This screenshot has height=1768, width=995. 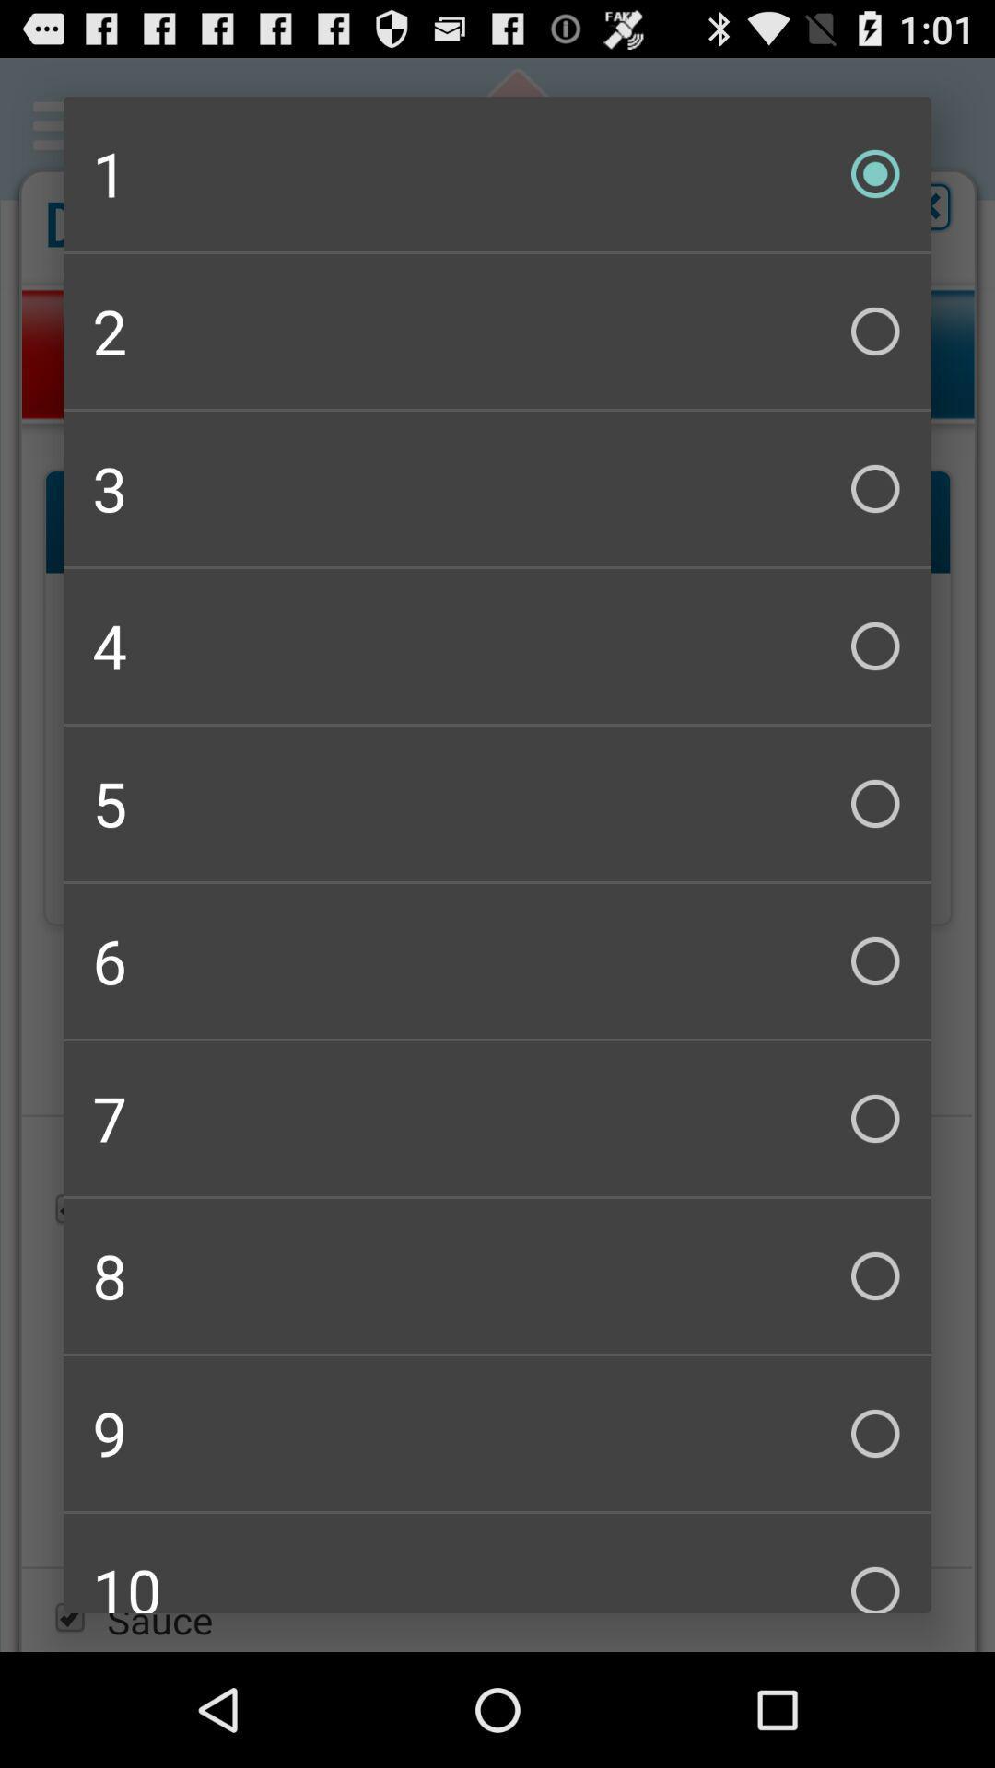 What do you see at coordinates (497, 489) in the screenshot?
I see `item below the 2 icon` at bounding box center [497, 489].